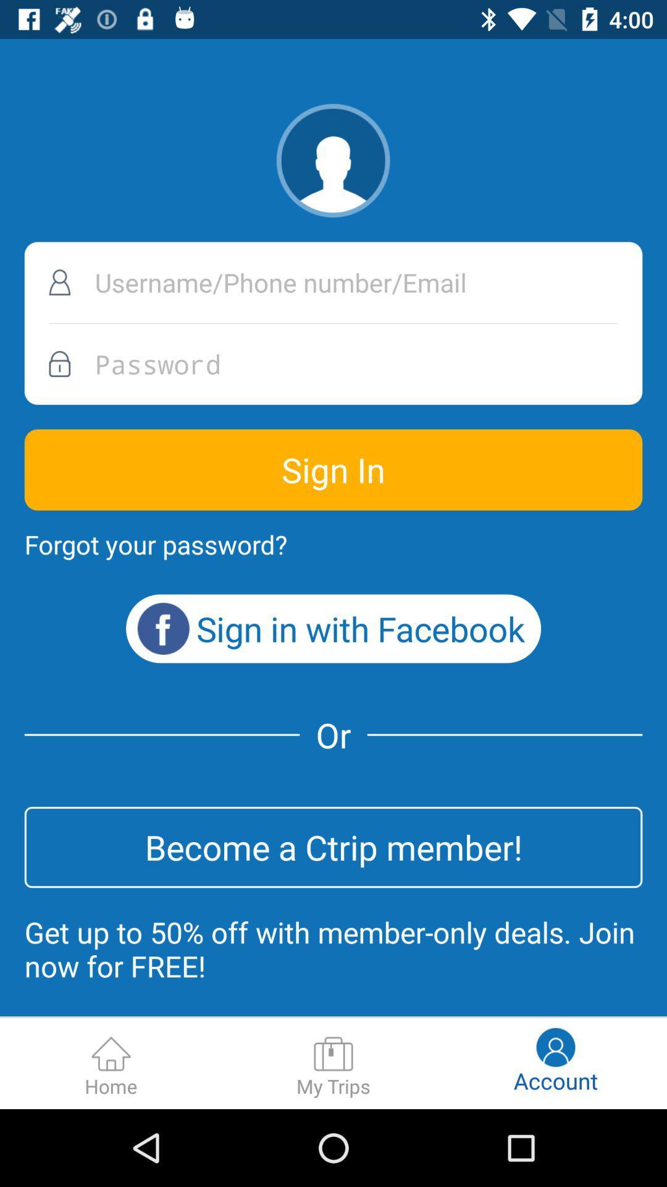  Describe the element at coordinates (333, 282) in the screenshot. I see `insert the login` at that location.